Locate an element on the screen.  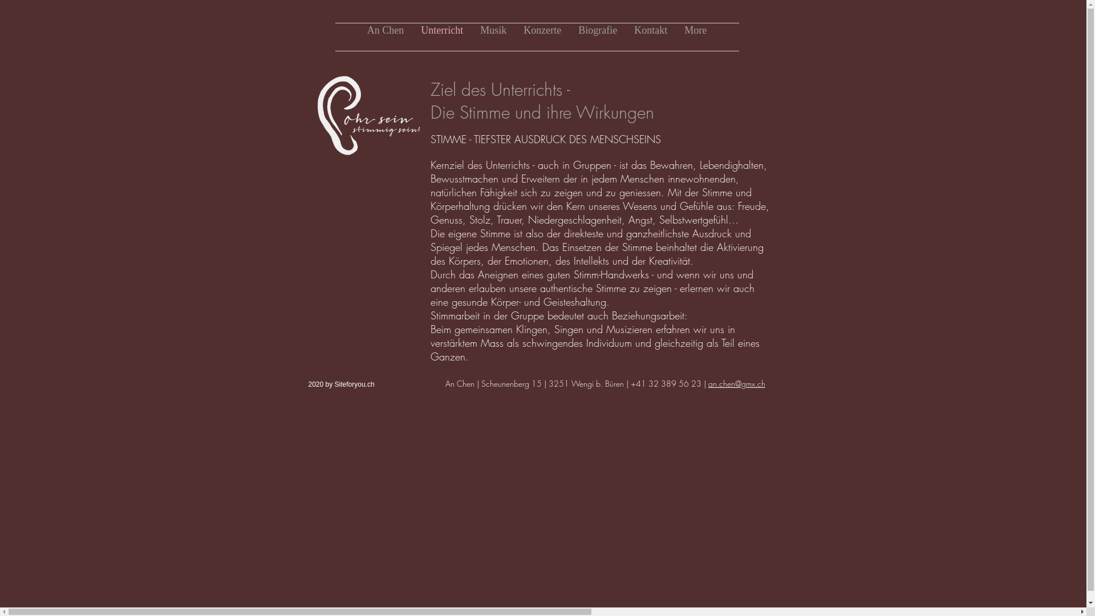
'Kontakt' is located at coordinates (651, 37).